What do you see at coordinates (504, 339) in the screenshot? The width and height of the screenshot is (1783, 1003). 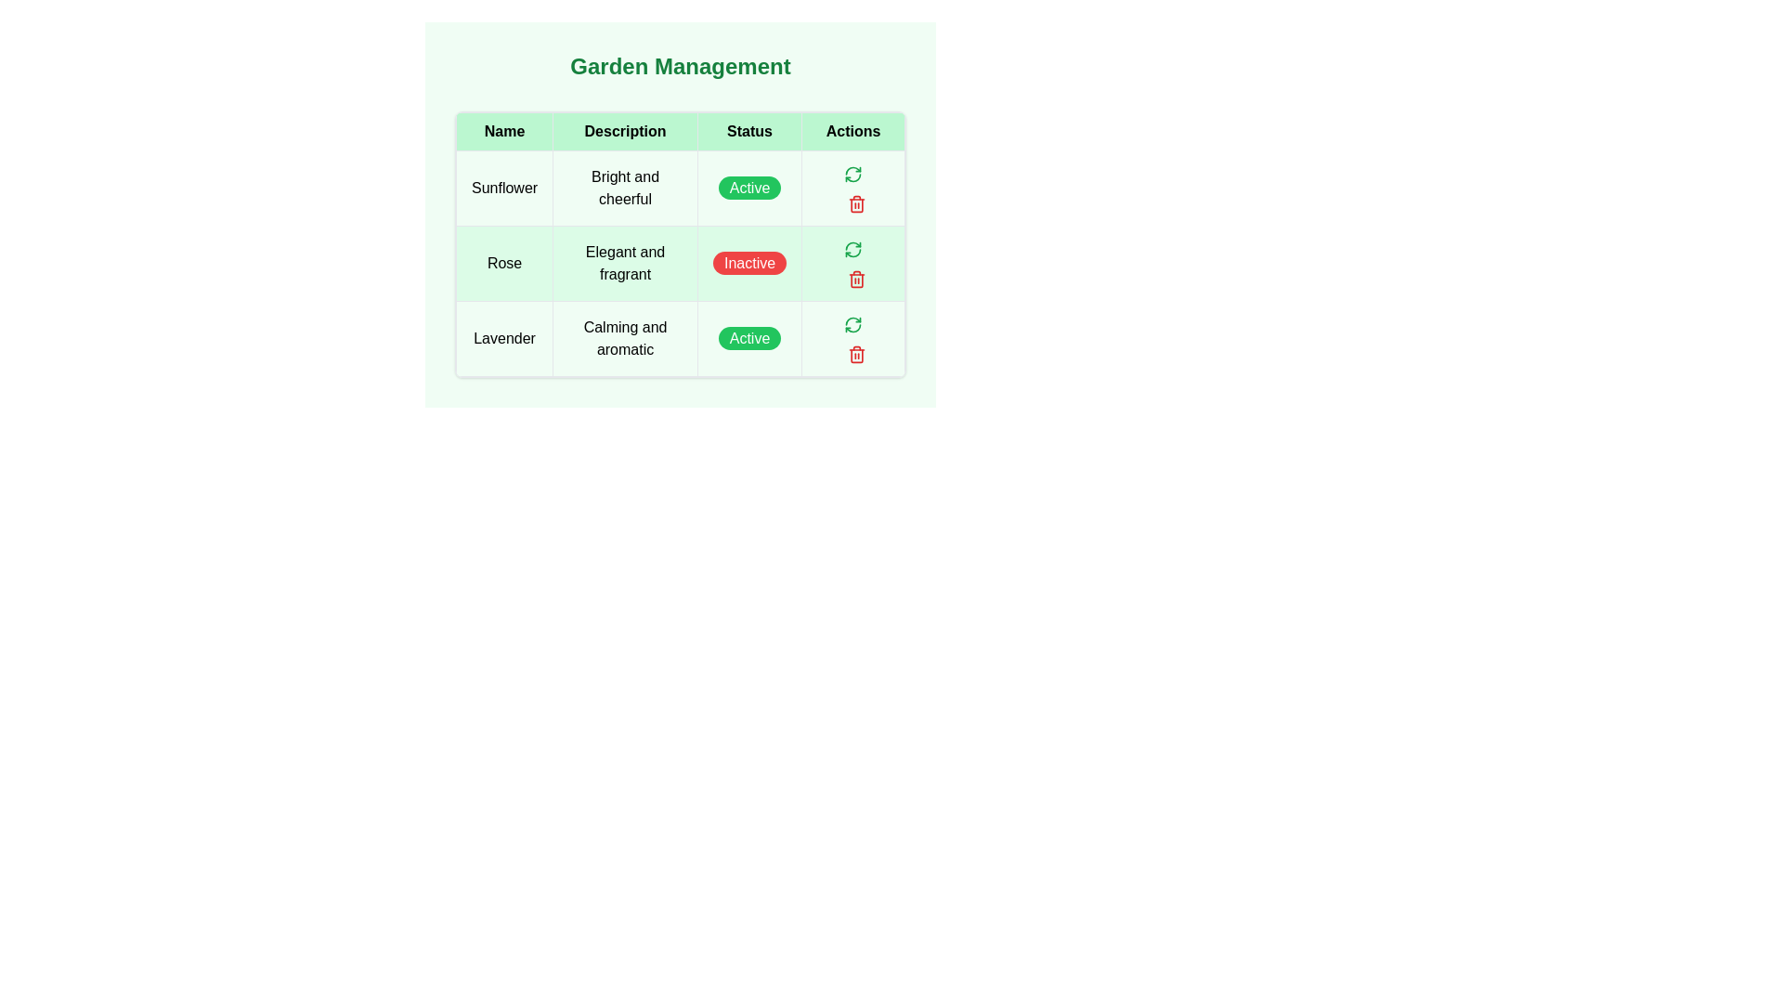 I see `text displayed in the table cell that contains 'Lavender', which is located in the first column of the third row of the table` at bounding box center [504, 339].